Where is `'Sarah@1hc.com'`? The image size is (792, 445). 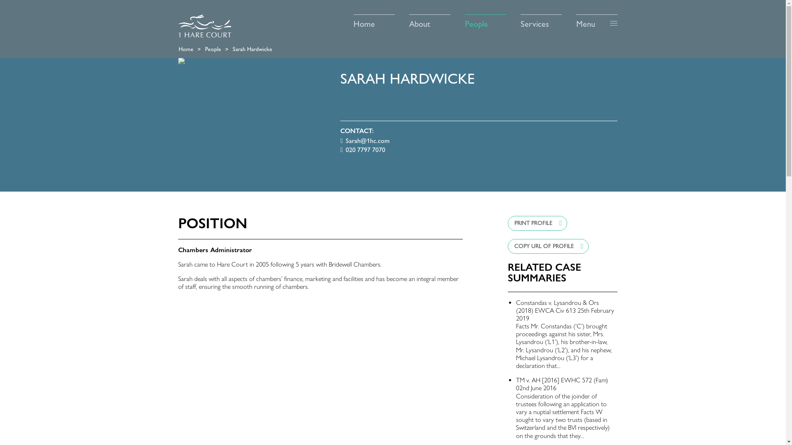
'Sarah@1hc.com' is located at coordinates (364, 140).